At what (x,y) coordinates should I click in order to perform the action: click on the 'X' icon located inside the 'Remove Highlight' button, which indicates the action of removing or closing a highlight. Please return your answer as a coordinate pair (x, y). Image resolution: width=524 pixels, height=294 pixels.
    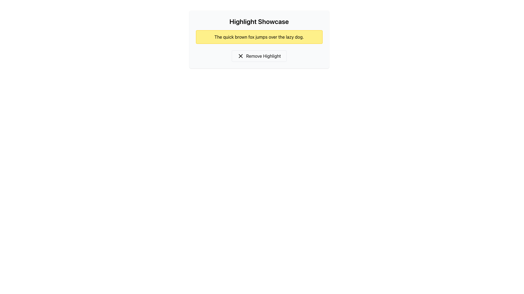
    Looking at the image, I should click on (240, 56).